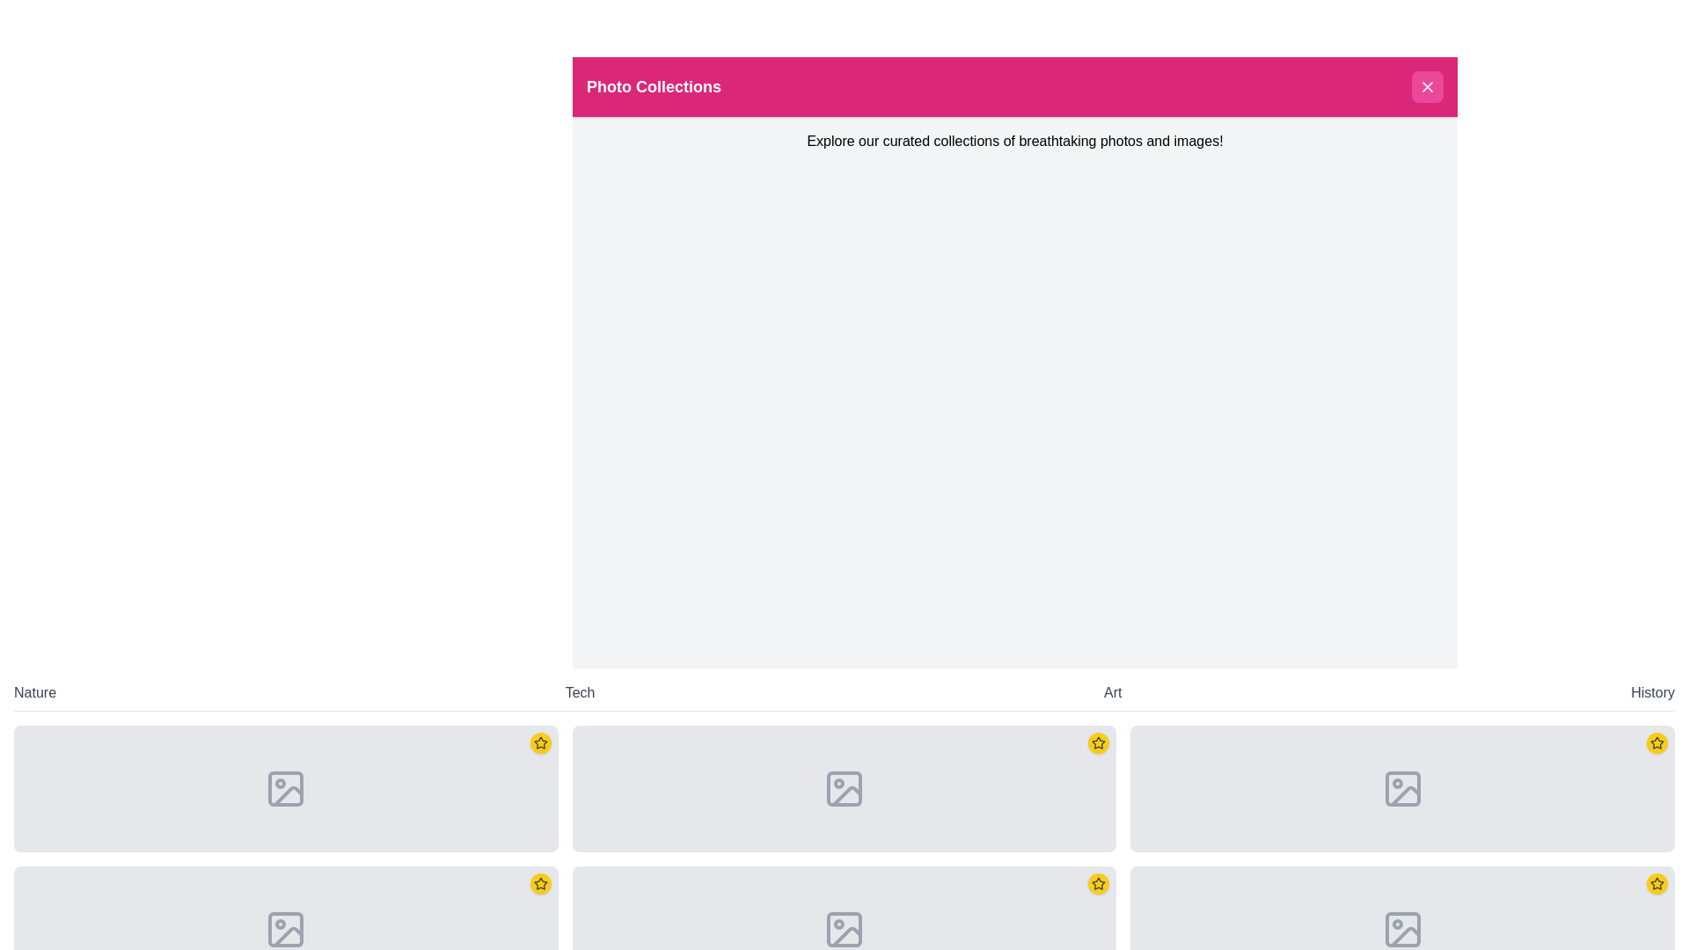 This screenshot has height=950, width=1689. What do you see at coordinates (1400, 788) in the screenshot?
I see `the landscape icon with rounded corners in the second box of the third column under the 'Art' header` at bounding box center [1400, 788].